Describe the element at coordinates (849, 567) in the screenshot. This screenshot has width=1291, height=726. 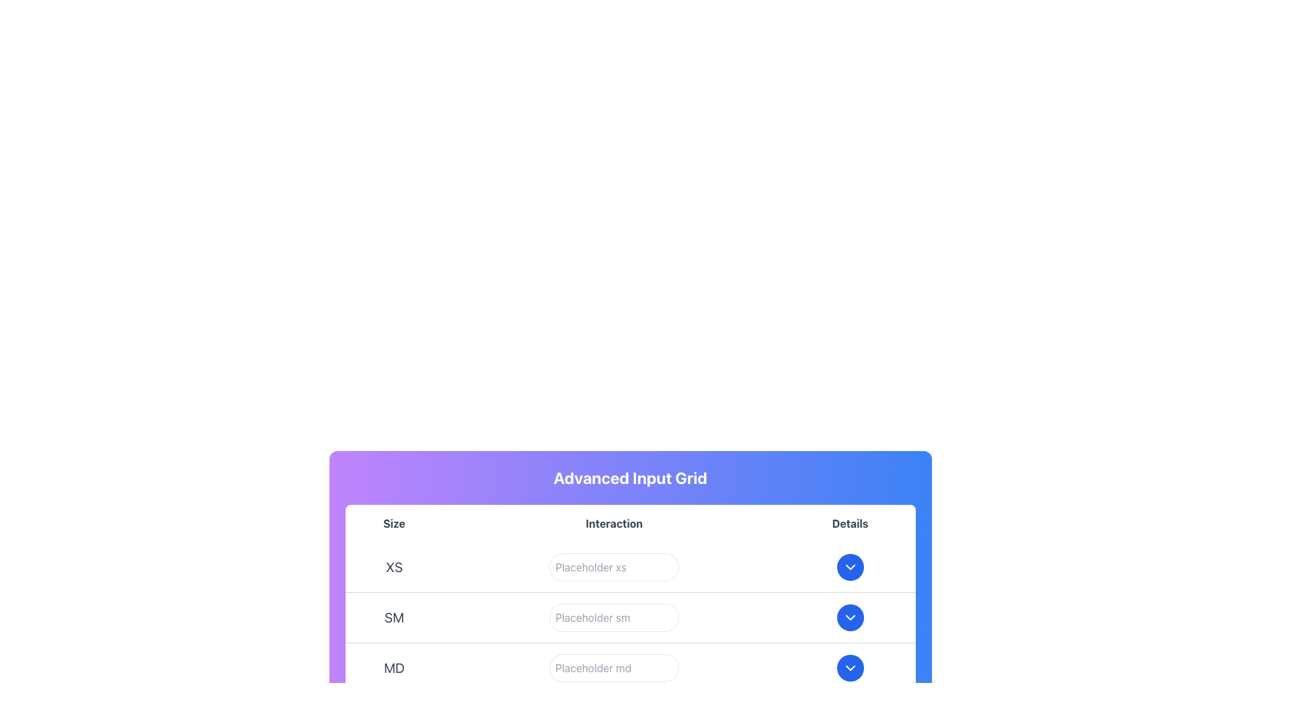
I see `the circular blue button with a white chevron pointing downwards in the 'Details' column of the grid layout` at that location.